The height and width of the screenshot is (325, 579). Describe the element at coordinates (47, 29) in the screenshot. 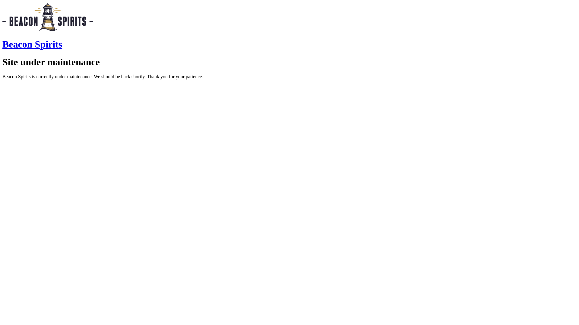

I see `'Home'` at that location.